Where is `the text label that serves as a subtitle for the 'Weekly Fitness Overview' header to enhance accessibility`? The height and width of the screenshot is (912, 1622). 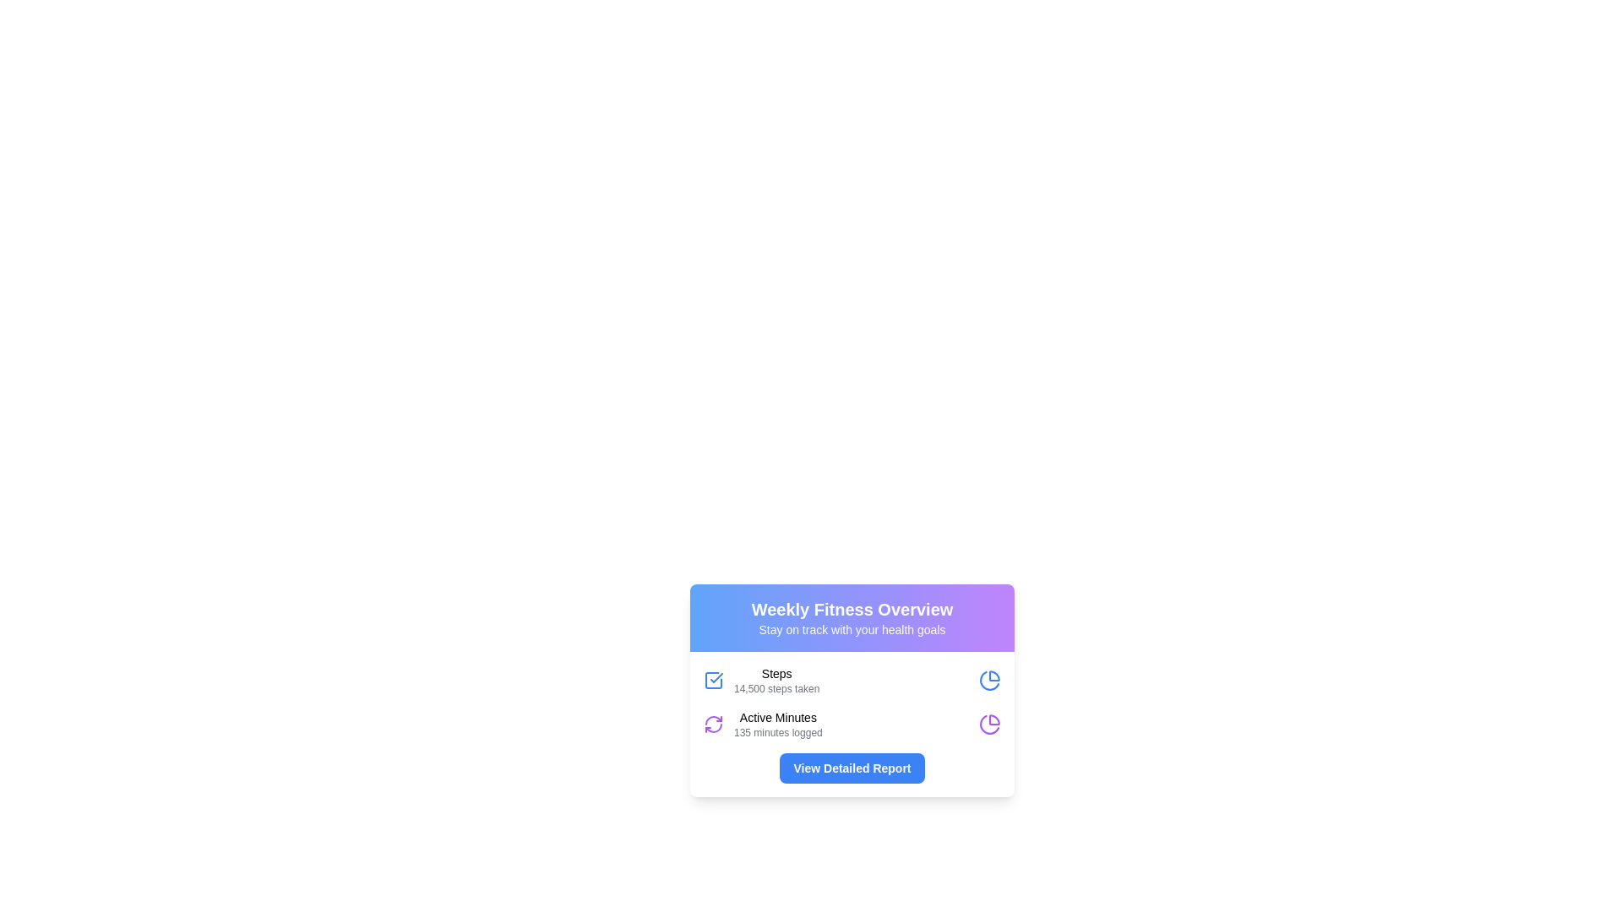 the text label that serves as a subtitle for the 'Weekly Fitness Overview' header to enhance accessibility is located at coordinates (852, 629).